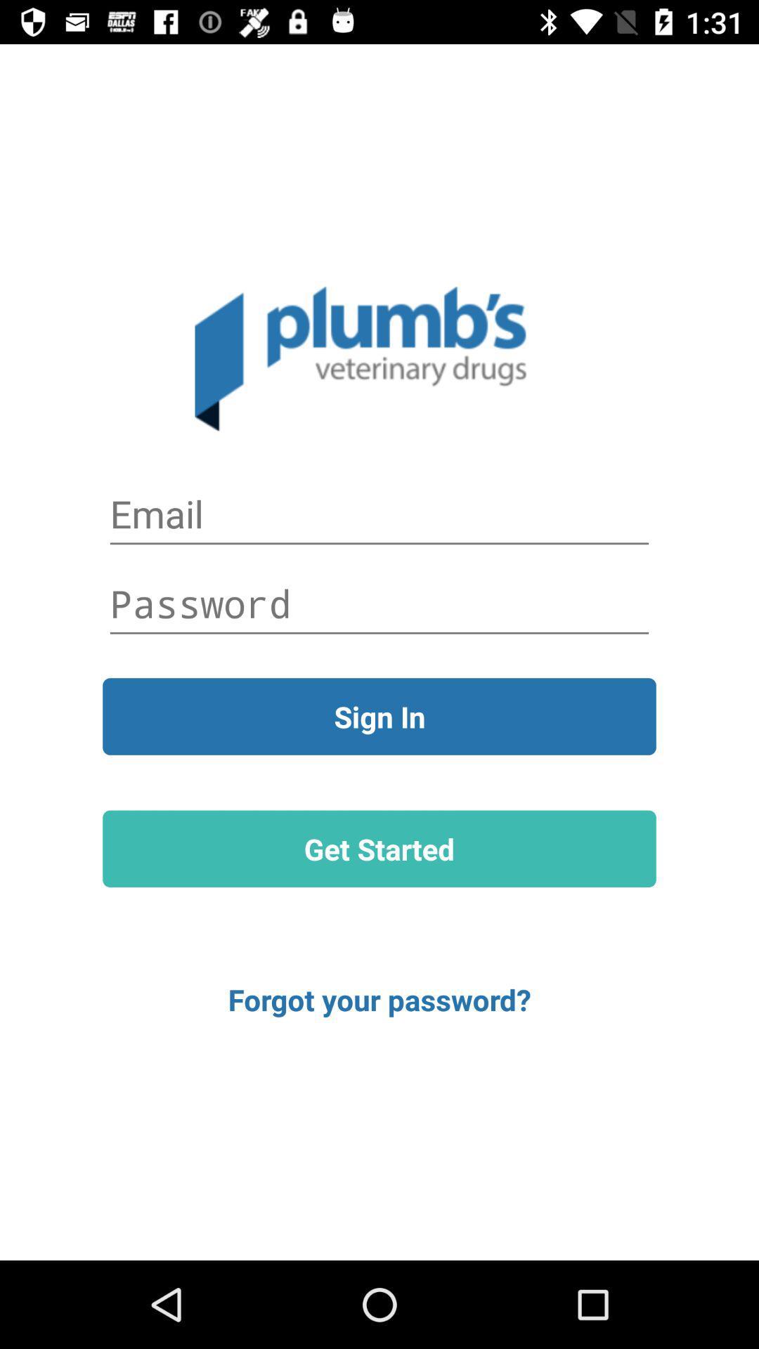 The image size is (759, 1349). I want to click on the sign in item, so click(379, 716).